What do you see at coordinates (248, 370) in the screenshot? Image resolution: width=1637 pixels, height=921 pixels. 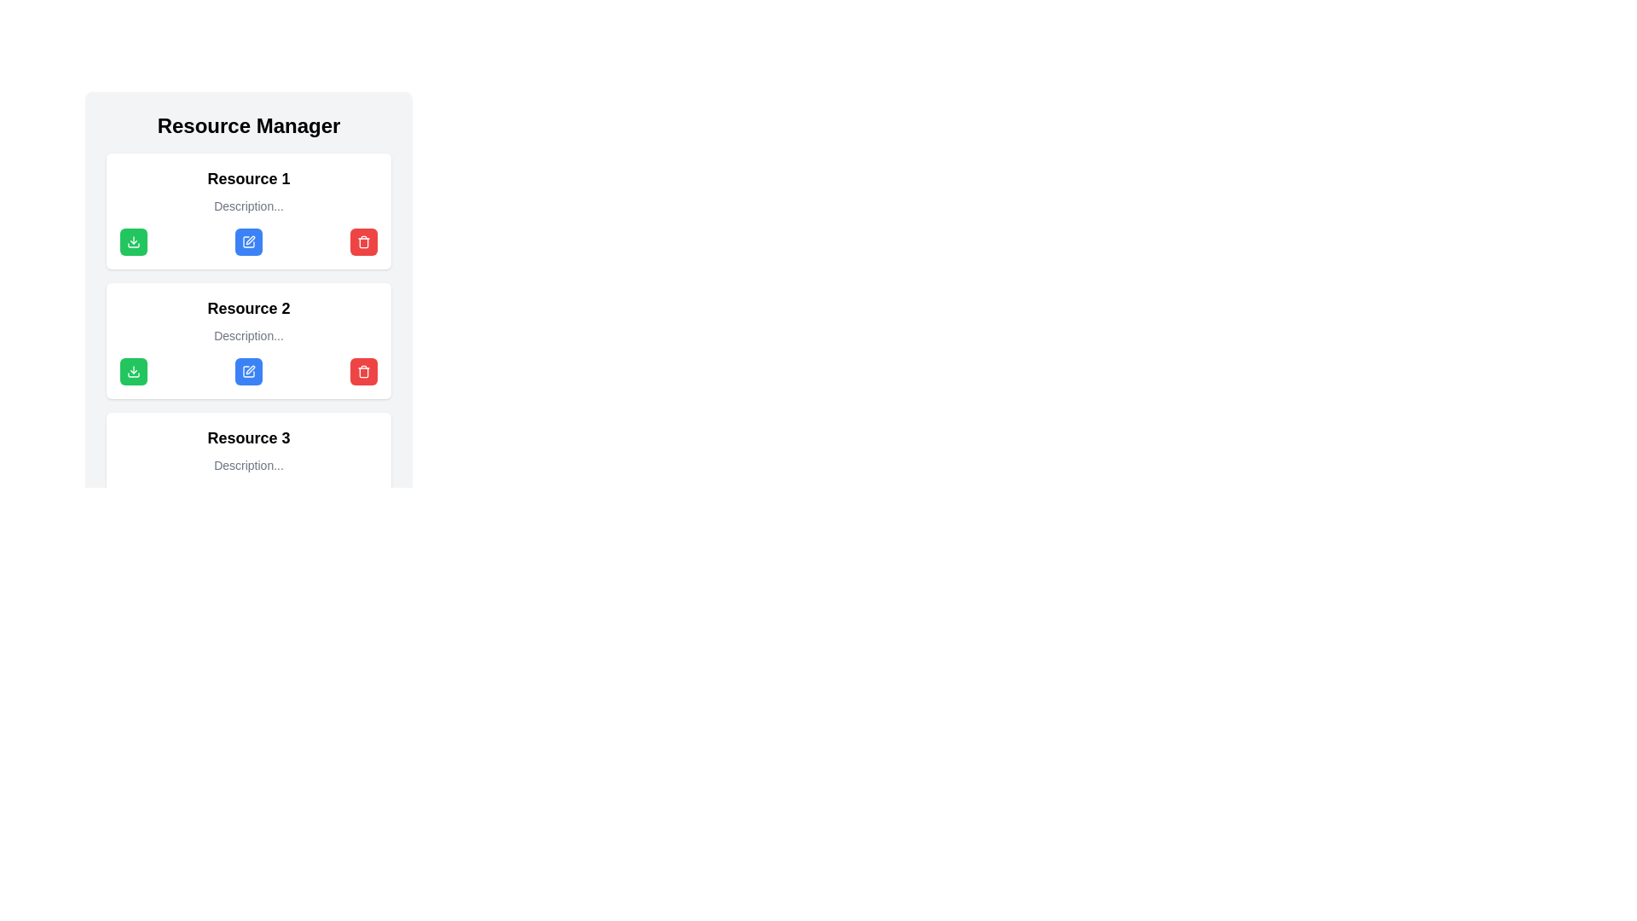 I see `the edit button with an embedded icon located in the second row titled 'Resource 2', positioned between a green button on the left and a red button on the right` at bounding box center [248, 370].